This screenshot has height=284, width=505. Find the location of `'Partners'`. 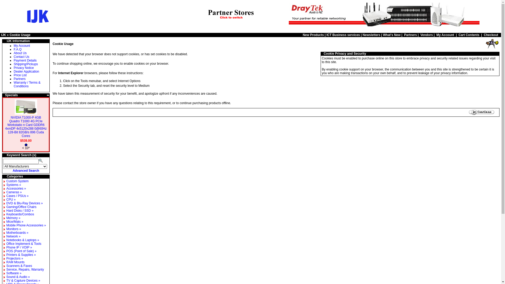

'Partners' is located at coordinates (410, 35).